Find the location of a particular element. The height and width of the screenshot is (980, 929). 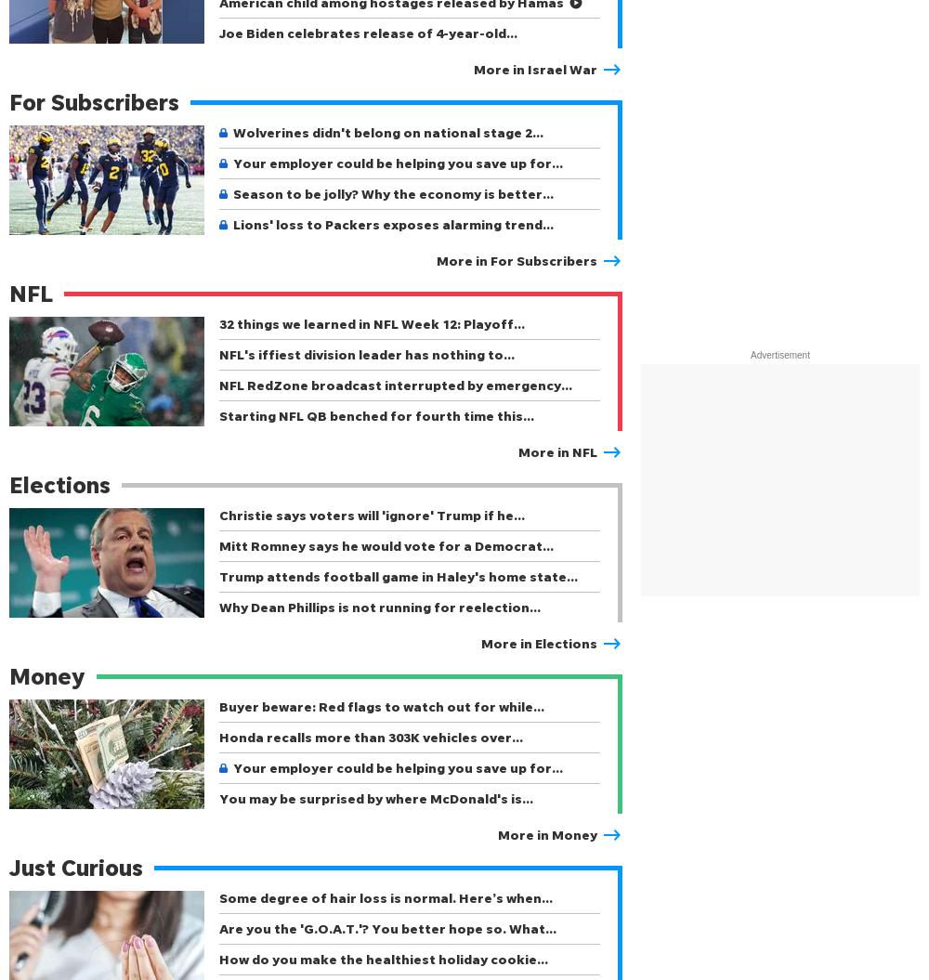

'32 things we learned in NFL Week 12: Playoff…' is located at coordinates (218, 322).